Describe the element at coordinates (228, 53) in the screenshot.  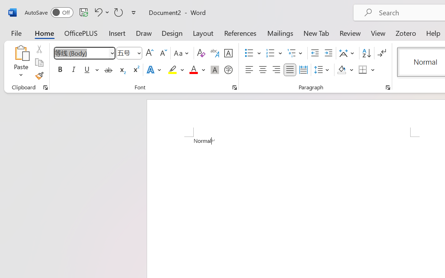
I see `'Character Border'` at that location.